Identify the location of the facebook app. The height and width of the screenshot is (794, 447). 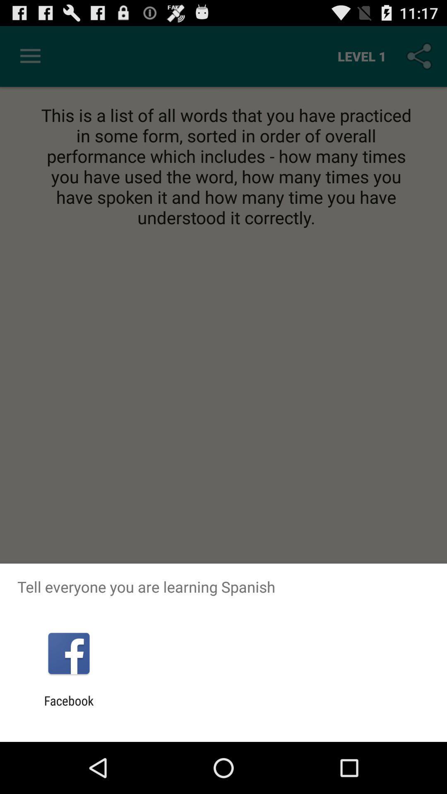
(68, 708).